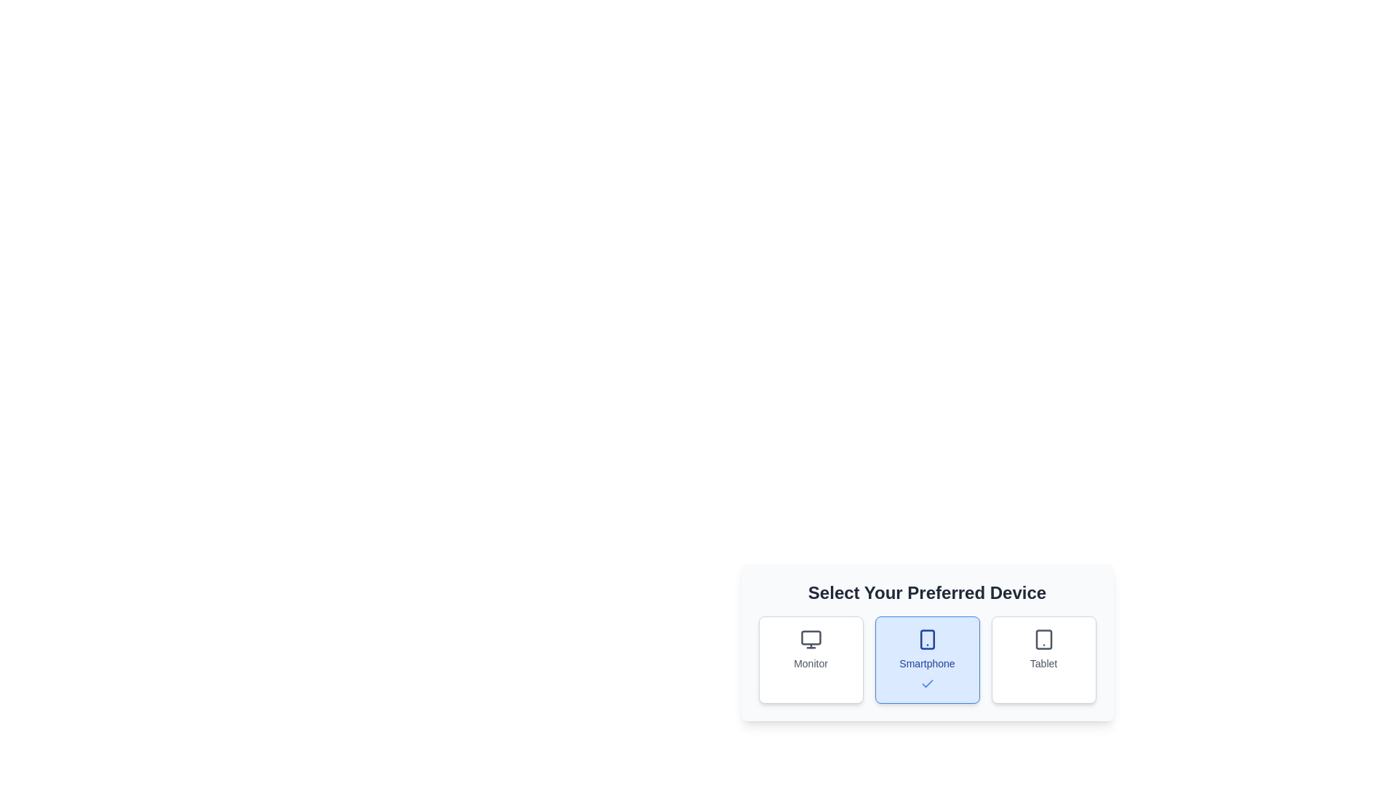 Image resolution: width=1397 pixels, height=786 pixels. What do you see at coordinates (1043, 639) in the screenshot?
I see `the 'Tablet' device icon in the selection menu` at bounding box center [1043, 639].